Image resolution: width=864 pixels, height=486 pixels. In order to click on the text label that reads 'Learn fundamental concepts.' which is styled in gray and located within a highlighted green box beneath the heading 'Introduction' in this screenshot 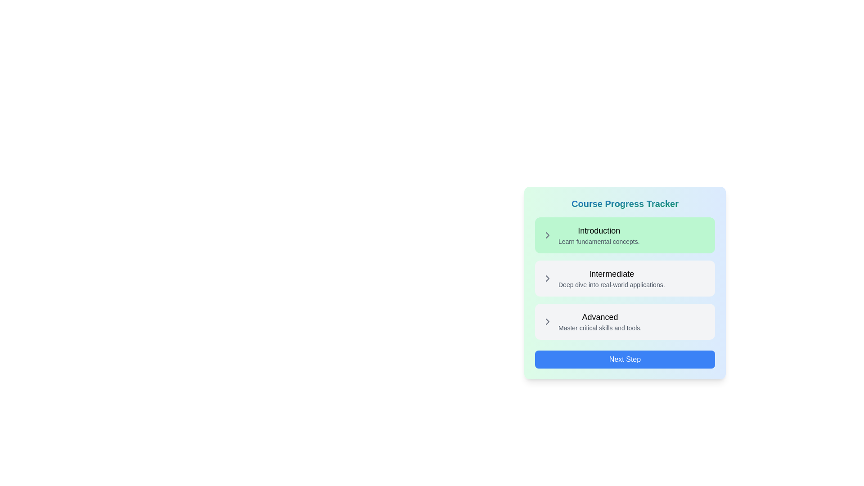, I will do `click(599, 241)`.